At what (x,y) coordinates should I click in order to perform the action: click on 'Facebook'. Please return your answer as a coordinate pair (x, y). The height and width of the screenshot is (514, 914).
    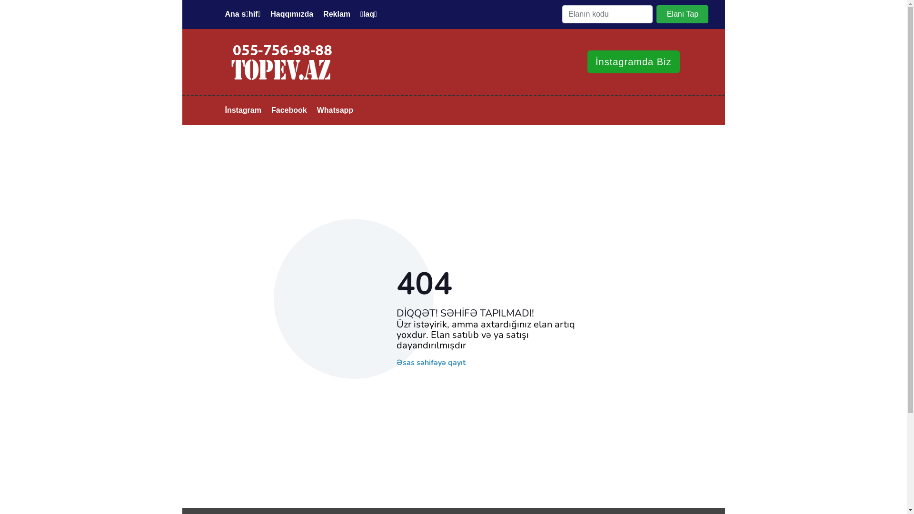
    Looking at the image, I should click on (267, 110).